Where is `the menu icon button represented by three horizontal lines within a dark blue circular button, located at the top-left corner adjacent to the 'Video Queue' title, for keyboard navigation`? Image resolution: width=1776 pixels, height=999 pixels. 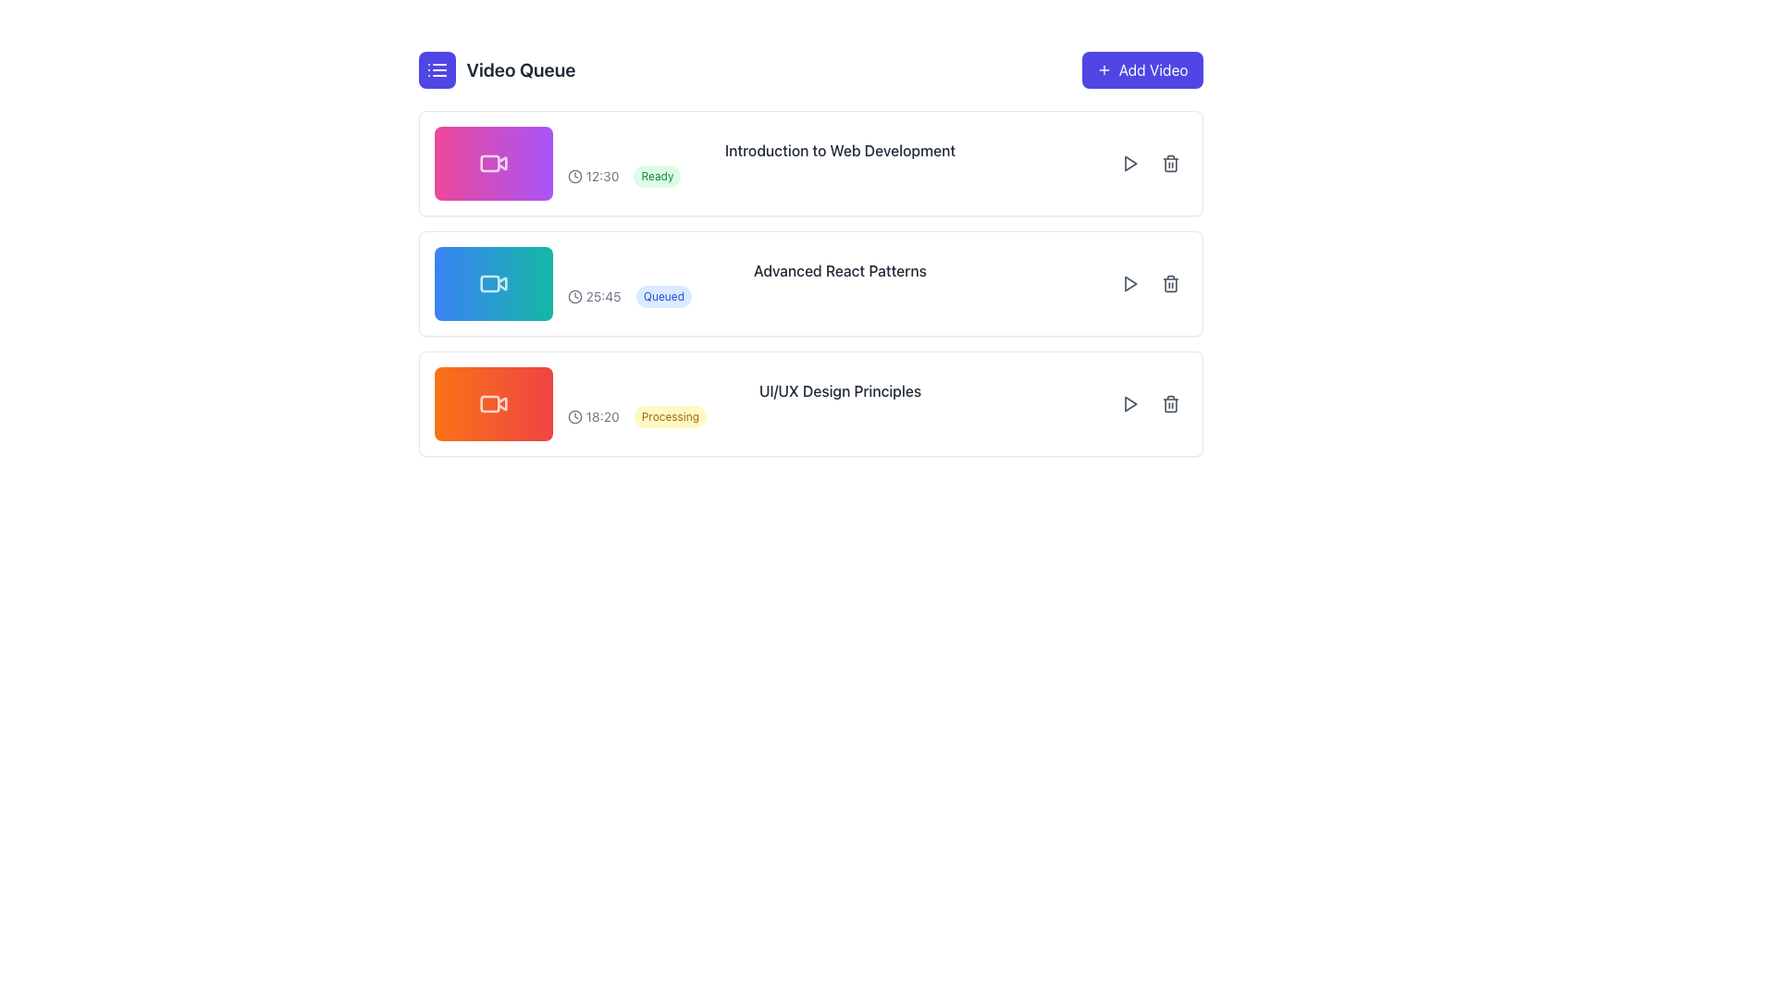
the menu icon button represented by three horizontal lines within a dark blue circular button, located at the top-left corner adjacent to the 'Video Queue' title, for keyboard navigation is located at coordinates (436, 69).